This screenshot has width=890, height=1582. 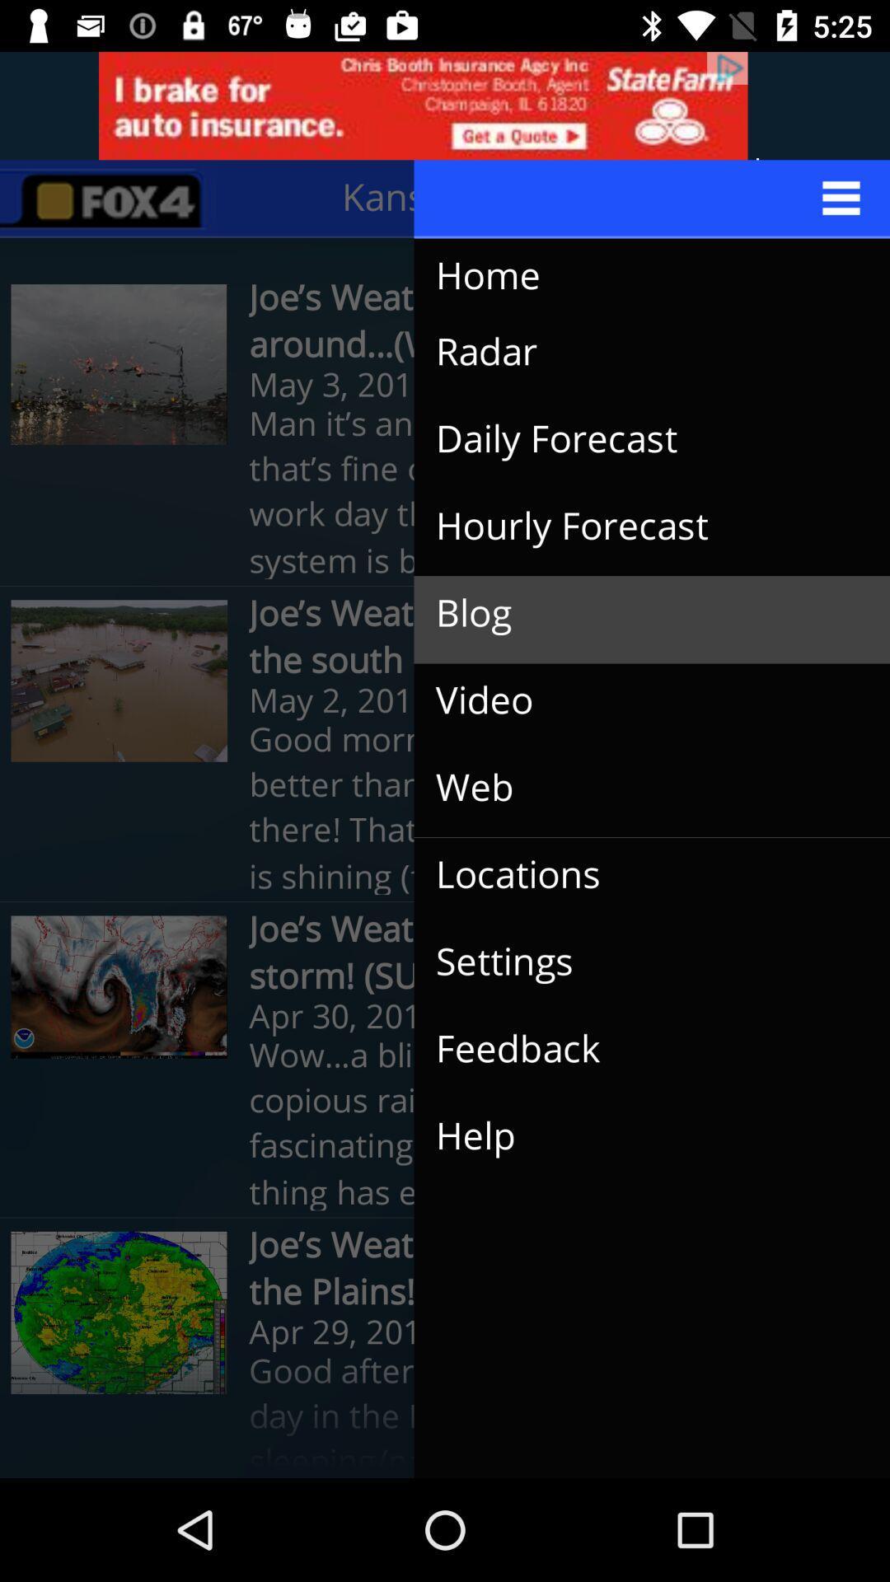 I want to click on daily forecast item, so click(x=638, y=439).